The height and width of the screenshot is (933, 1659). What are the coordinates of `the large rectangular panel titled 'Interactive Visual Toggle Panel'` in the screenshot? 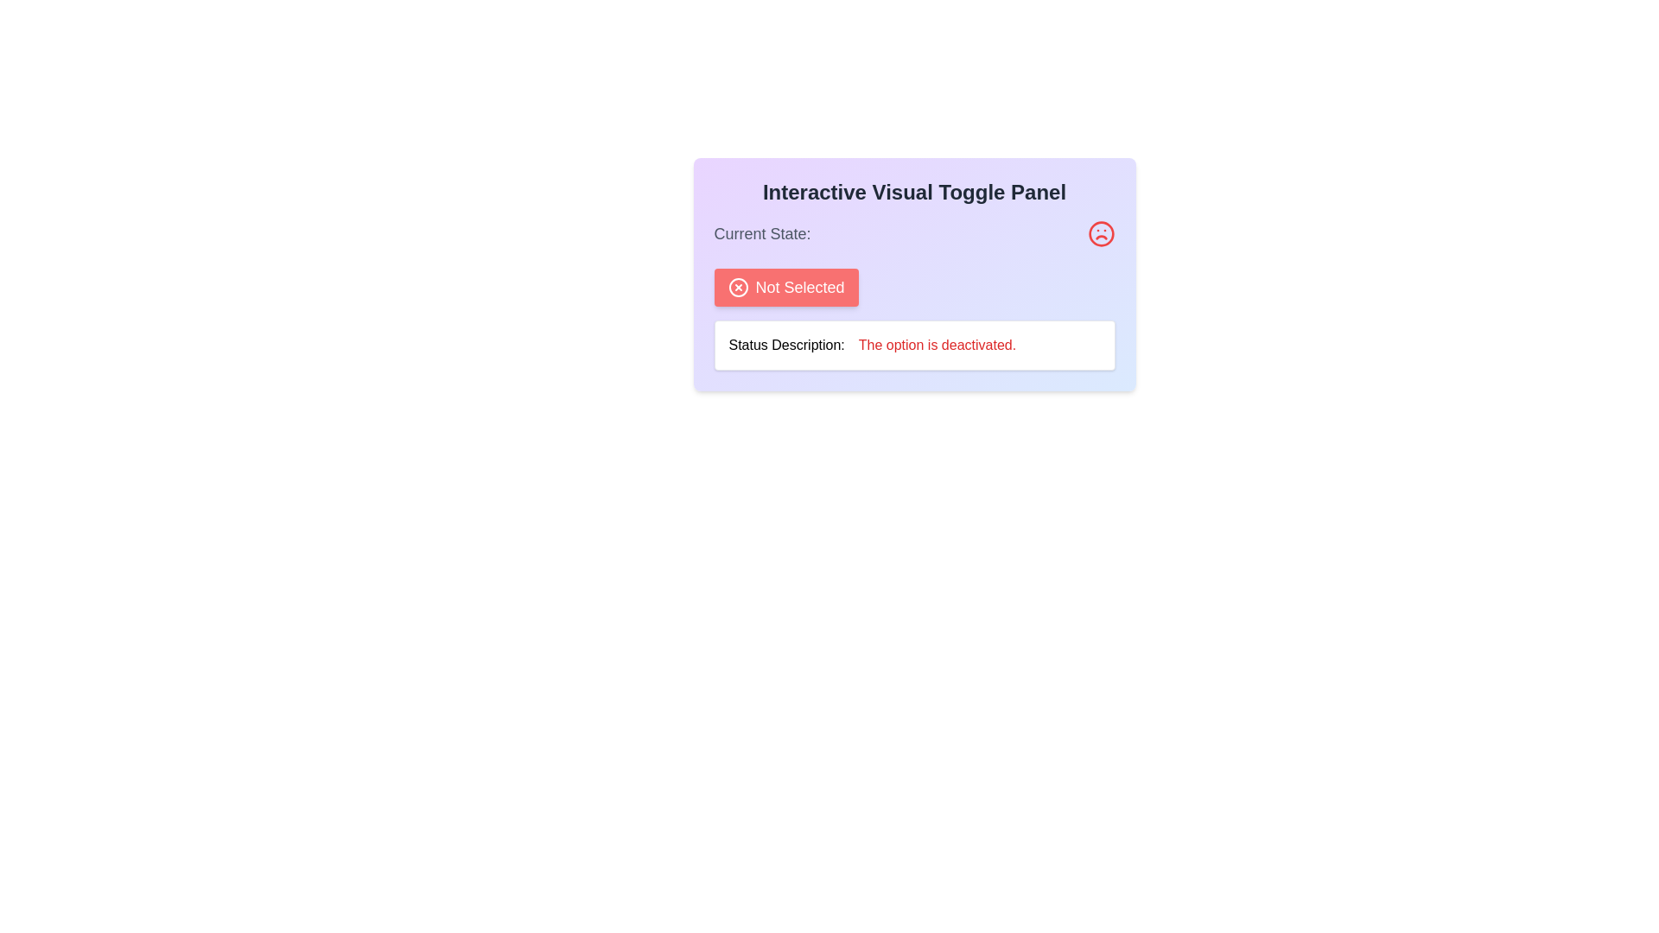 It's located at (913, 273).